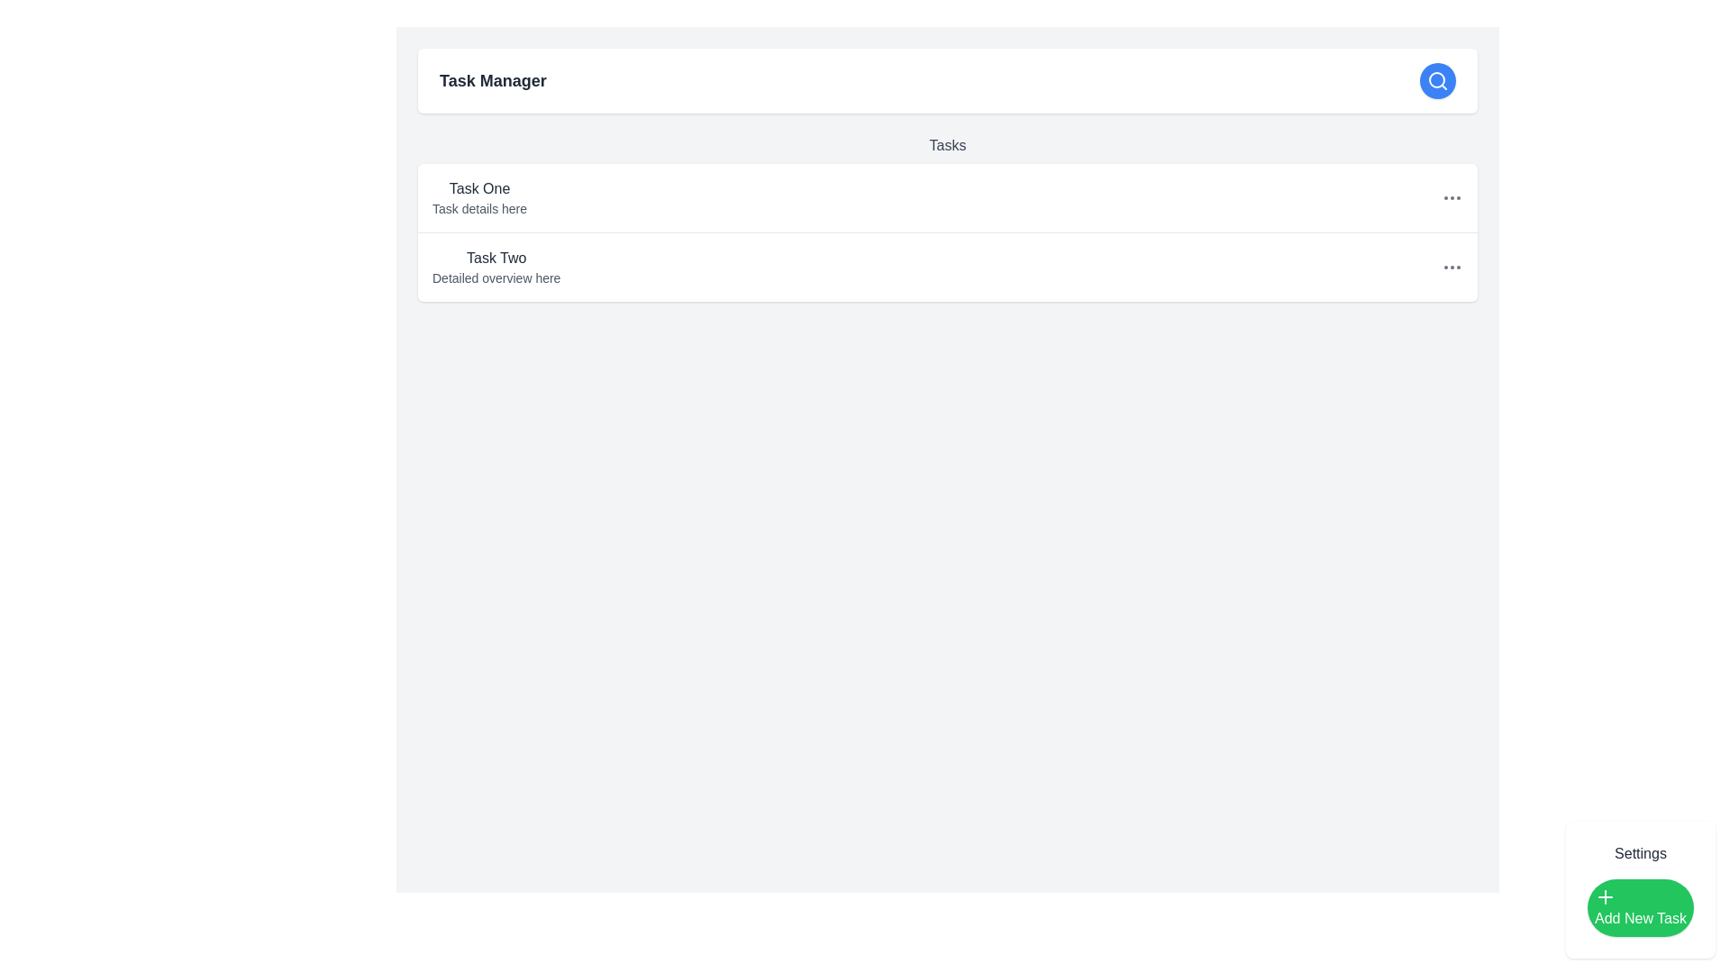  What do you see at coordinates (1452, 268) in the screenshot?
I see `the ellipsis menu icon located at the far right of the row labeled 'Task Two Detailed overview here'` at bounding box center [1452, 268].